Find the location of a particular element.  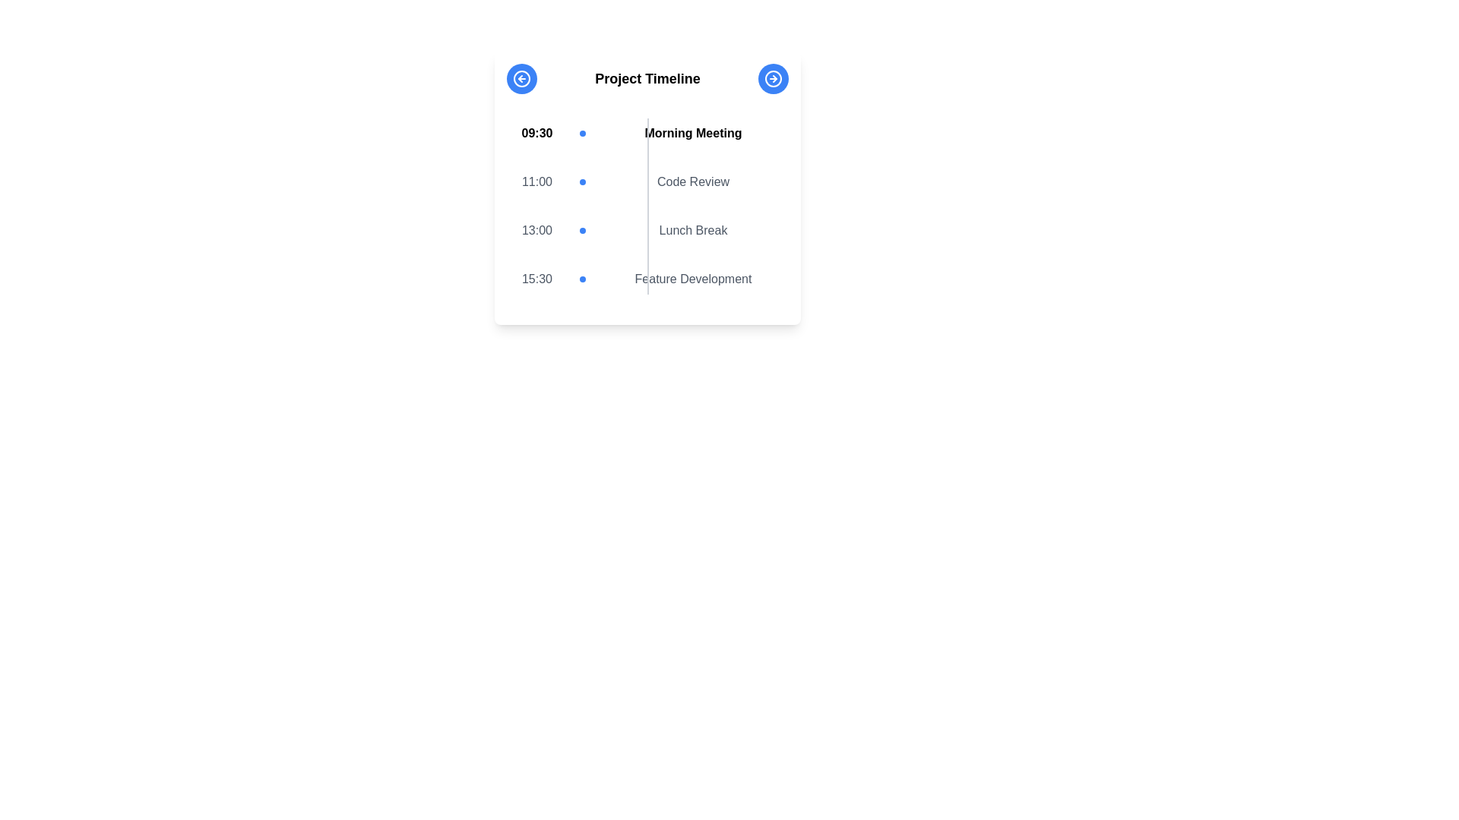

the navigation icon located at the top-right corner of the central panel, adjacent to the 'Project Timeline' header is located at coordinates (773, 79).